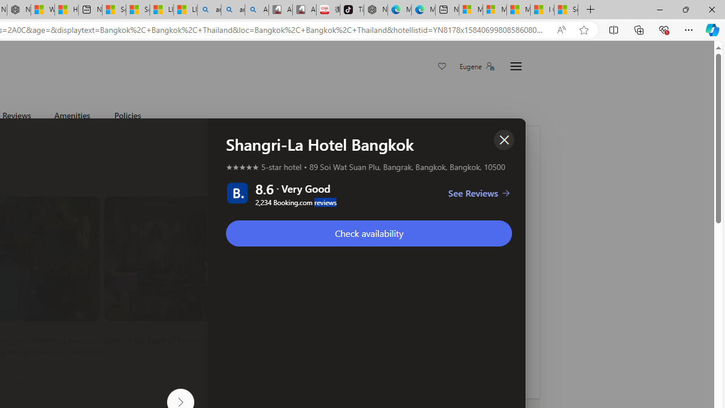 The image size is (725, 408). Describe the element at coordinates (376, 10) in the screenshot. I see `'Nordace - Best Sellers'` at that location.